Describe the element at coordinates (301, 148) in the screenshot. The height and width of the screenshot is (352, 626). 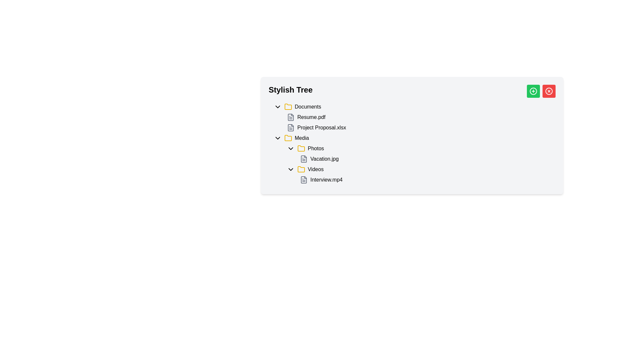
I see `the yellow folder icon representing the 'Photos' folder in the tree view under the 'Media' directory` at that location.